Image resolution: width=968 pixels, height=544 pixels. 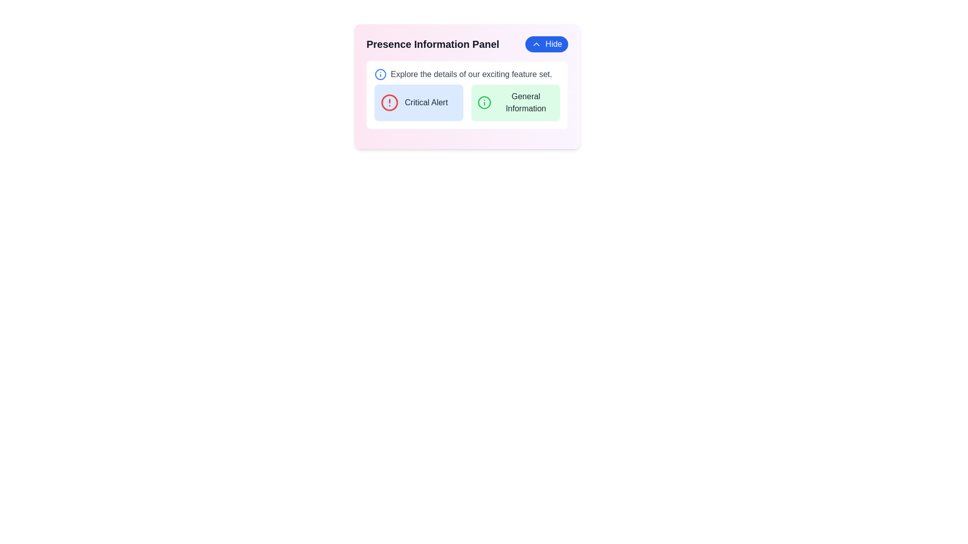 I want to click on text displayed in the Text Label that contains 'Explore the details of our exciting feature set', which is styled in medium gray and is positioned to the right of the blue 'info' icon, so click(x=471, y=74).